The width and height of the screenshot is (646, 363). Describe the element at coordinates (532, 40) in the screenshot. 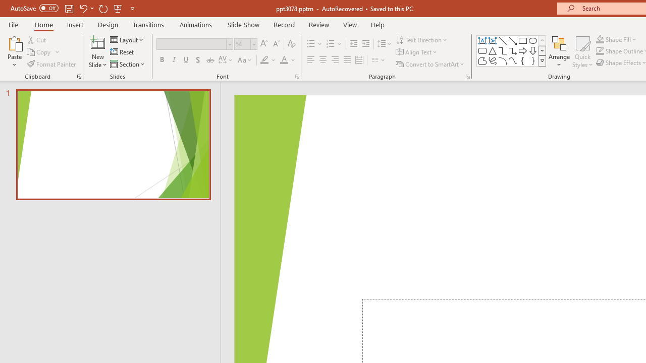

I see `'Oval'` at that location.